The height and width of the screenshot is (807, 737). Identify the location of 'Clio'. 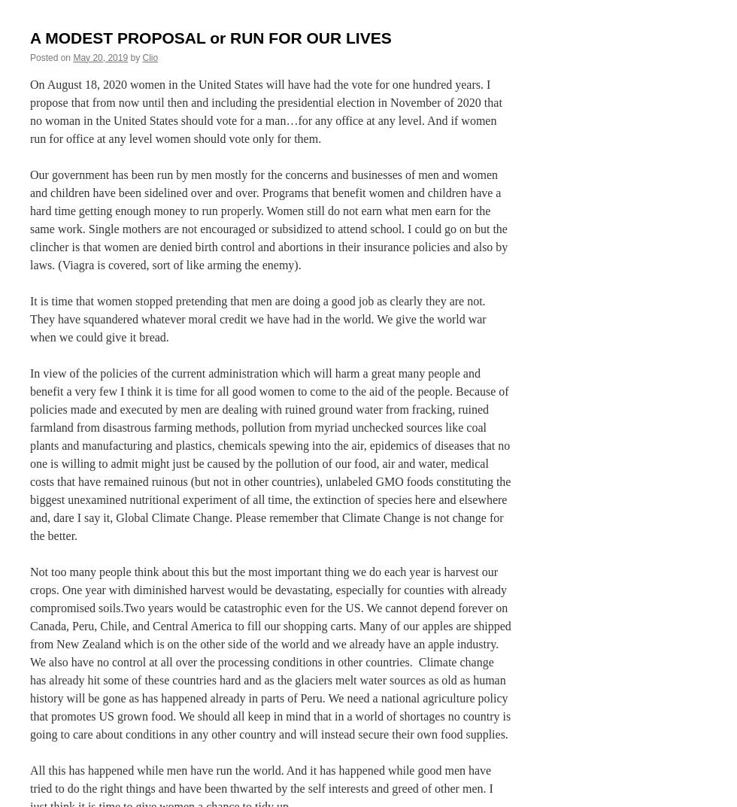
(142, 56).